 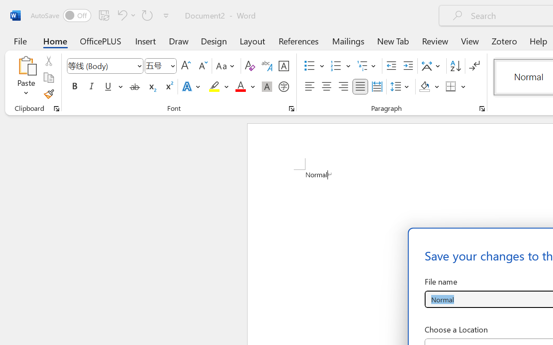 I want to click on 'Character Shading', so click(x=267, y=87).